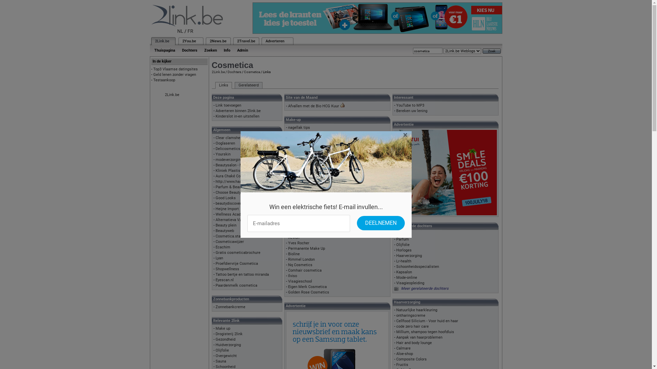 This screenshot has height=369, width=657. Describe the element at coordinates (221, 361) in the screenshot. I see `'Sauna'` at that location.